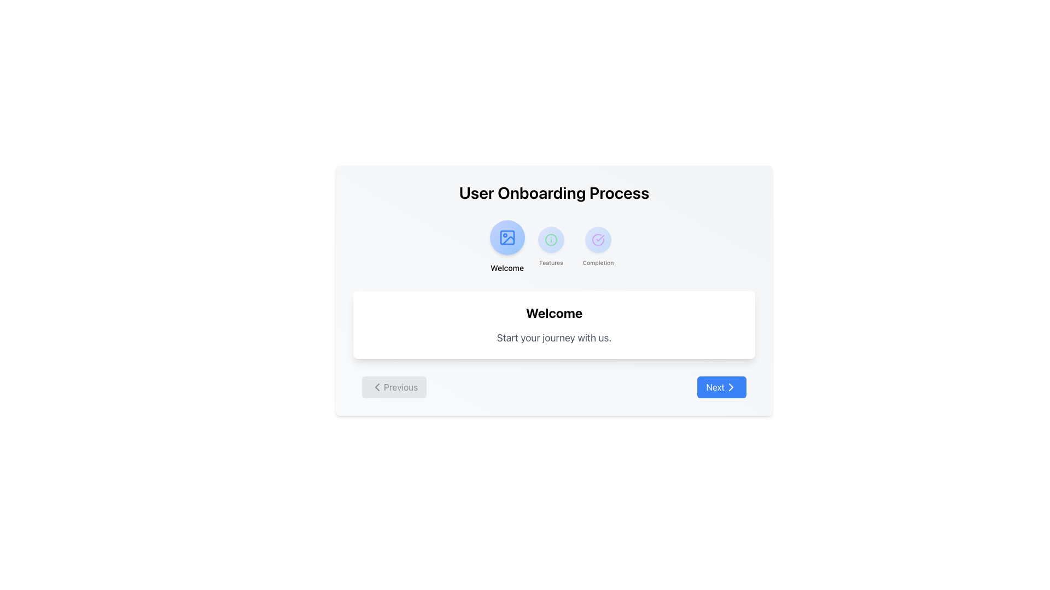 This screenshot has width=1050, height=590. What do you see at coordinates (506, 237) in the screenshot?
I see `the circular graphical UI indicator styled as a button or icon placeholder, featuring a gradient background and a mountains silhouette icon` at bounding box center [506, 237].